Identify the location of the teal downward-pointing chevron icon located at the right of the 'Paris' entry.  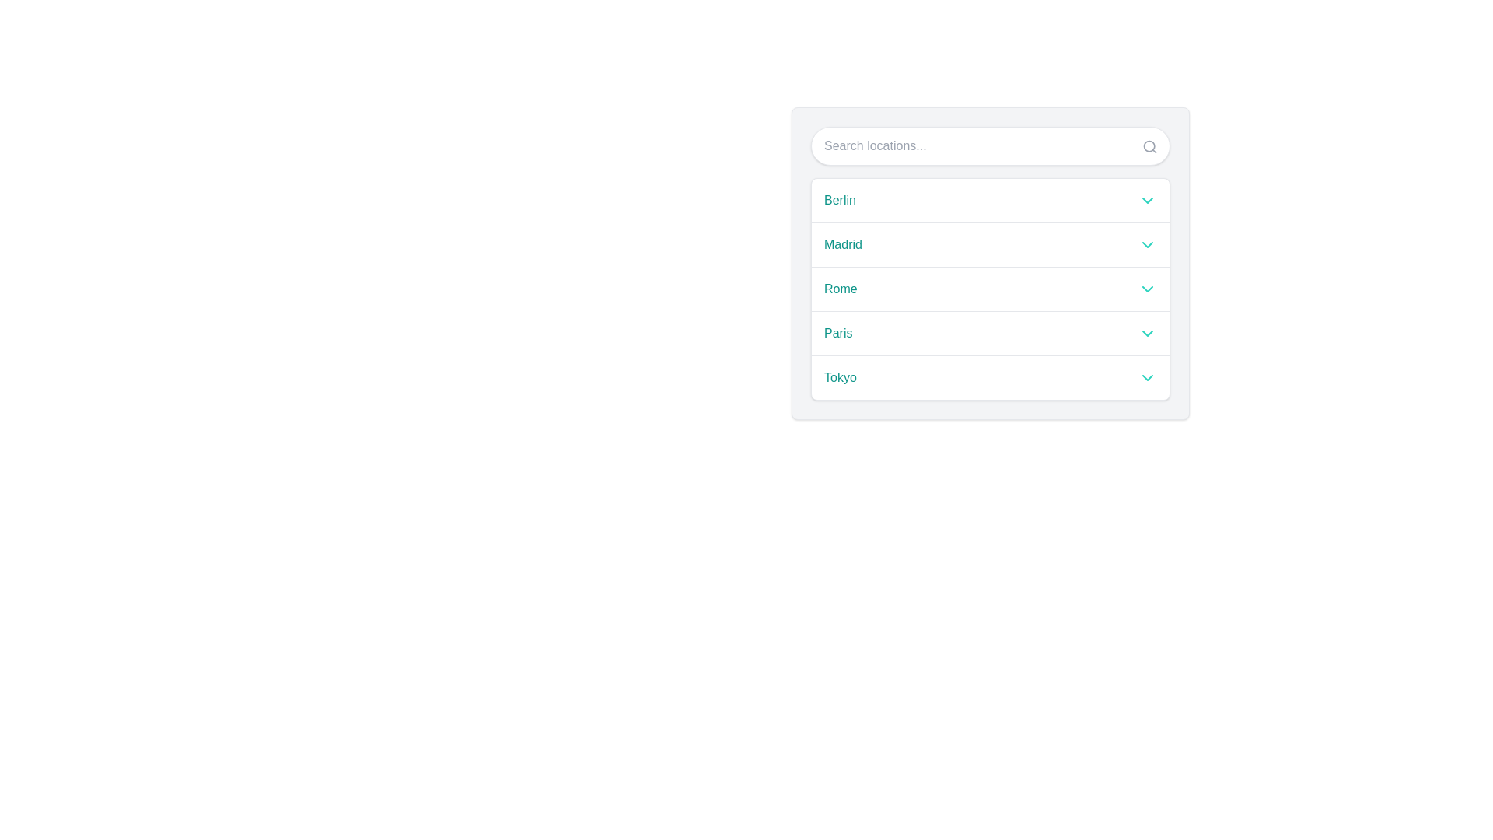
(1148, 332).